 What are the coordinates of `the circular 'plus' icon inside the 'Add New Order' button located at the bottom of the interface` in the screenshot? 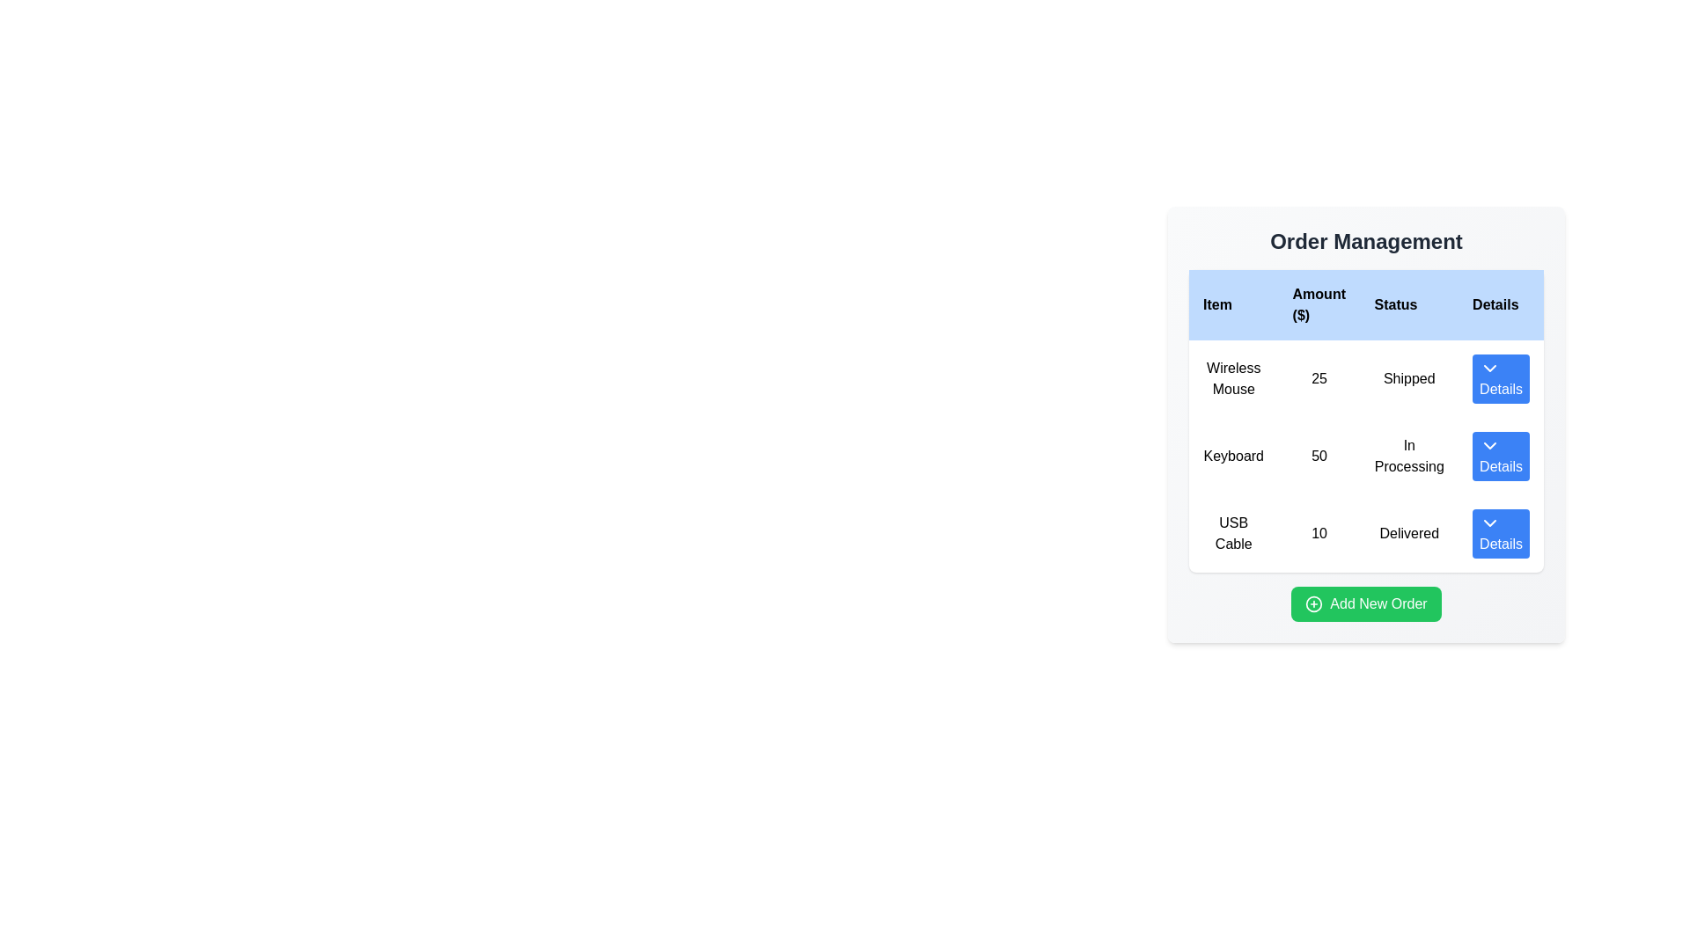 It's located at (1314, 603).